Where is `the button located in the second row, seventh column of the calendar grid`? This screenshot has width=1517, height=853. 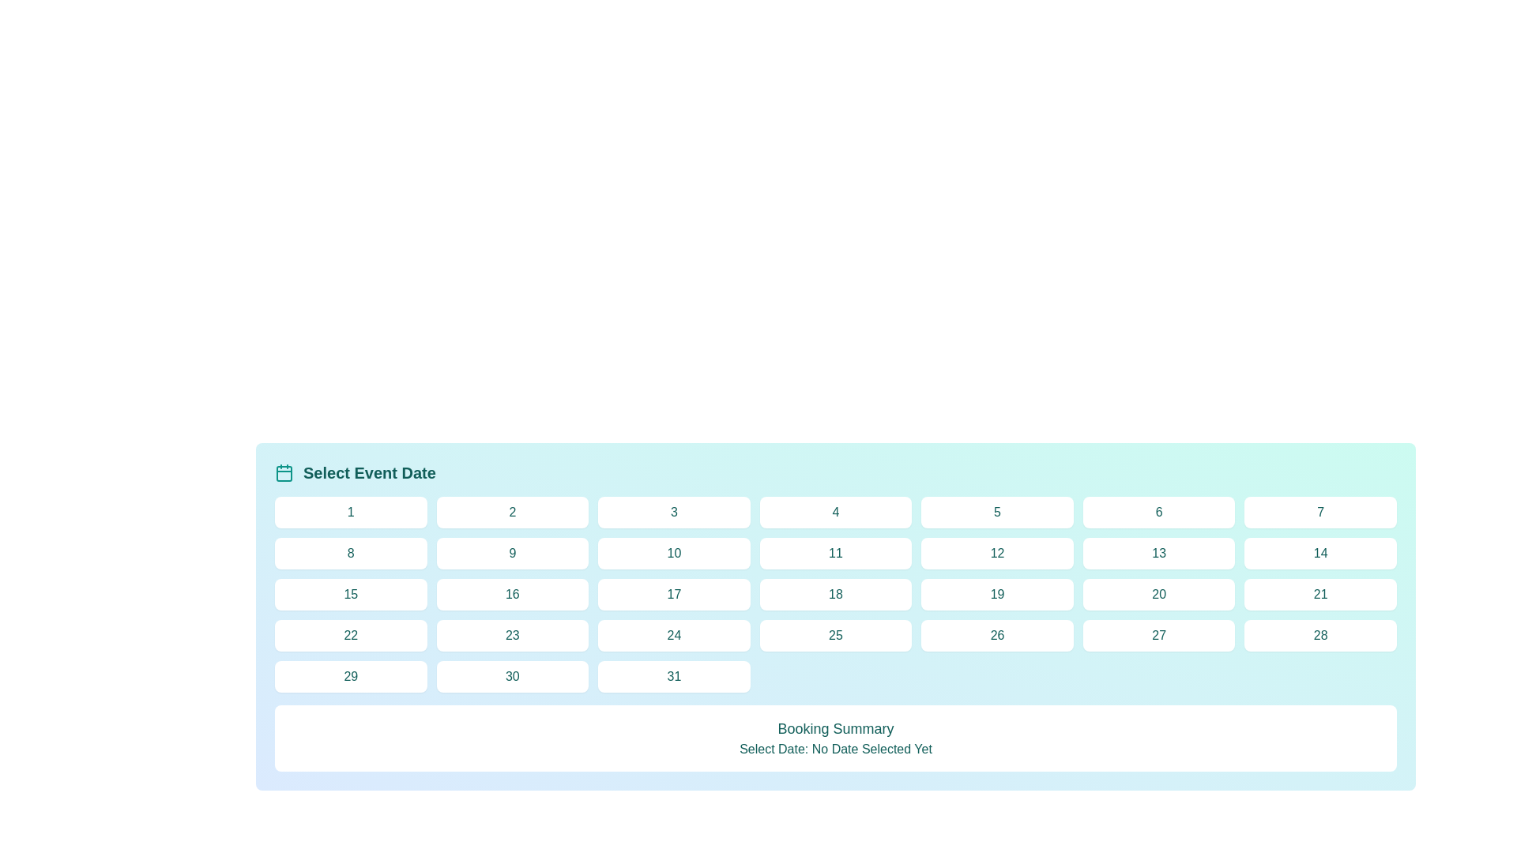
the button located in the second row, seventh column of the calendar grid is located at coordinates (1320, 553).